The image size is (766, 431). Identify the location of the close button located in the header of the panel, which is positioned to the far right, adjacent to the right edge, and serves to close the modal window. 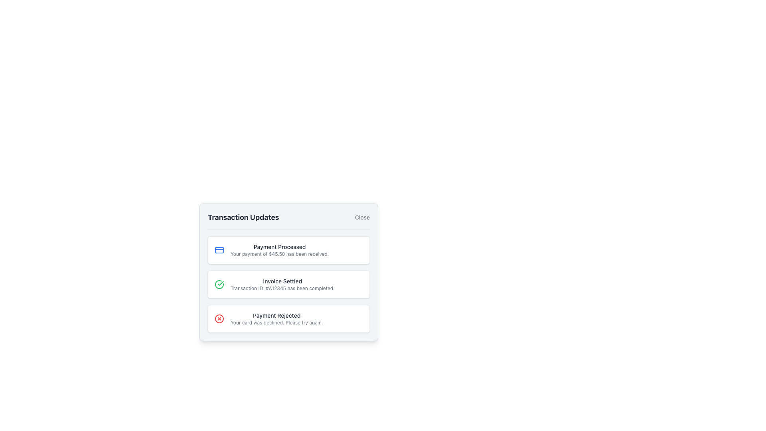
(362, 217).